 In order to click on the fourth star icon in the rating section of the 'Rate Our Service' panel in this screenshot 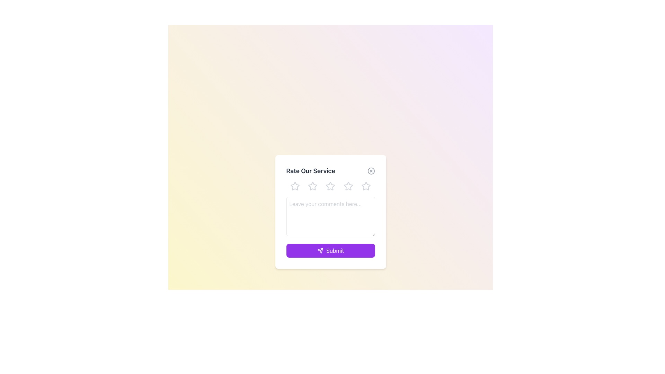, I will do `click(348, 186)`.